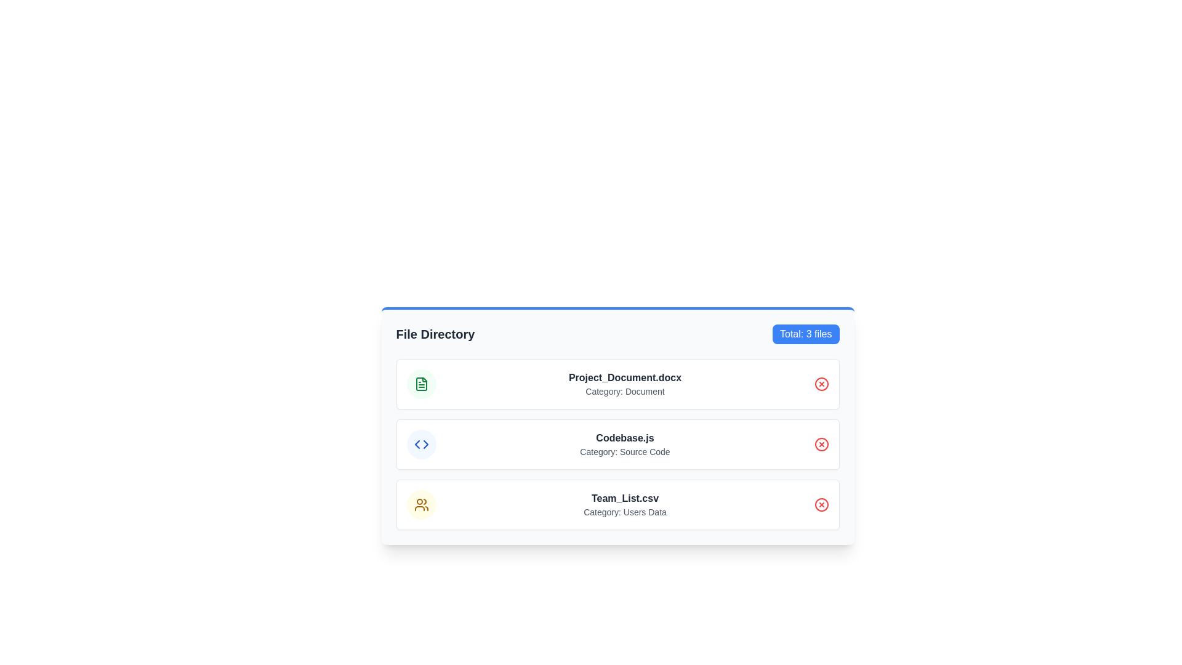 The image size is (1182, 665). What do you see at coordinates (617, 444) in the screenshot?
I see `the list item representing the file entry 'Codebase.js' in the 'File Directory' that is positioned between 'Project_Document.docx' and 'Team_List.csv'` at bounding box center [617, 444].